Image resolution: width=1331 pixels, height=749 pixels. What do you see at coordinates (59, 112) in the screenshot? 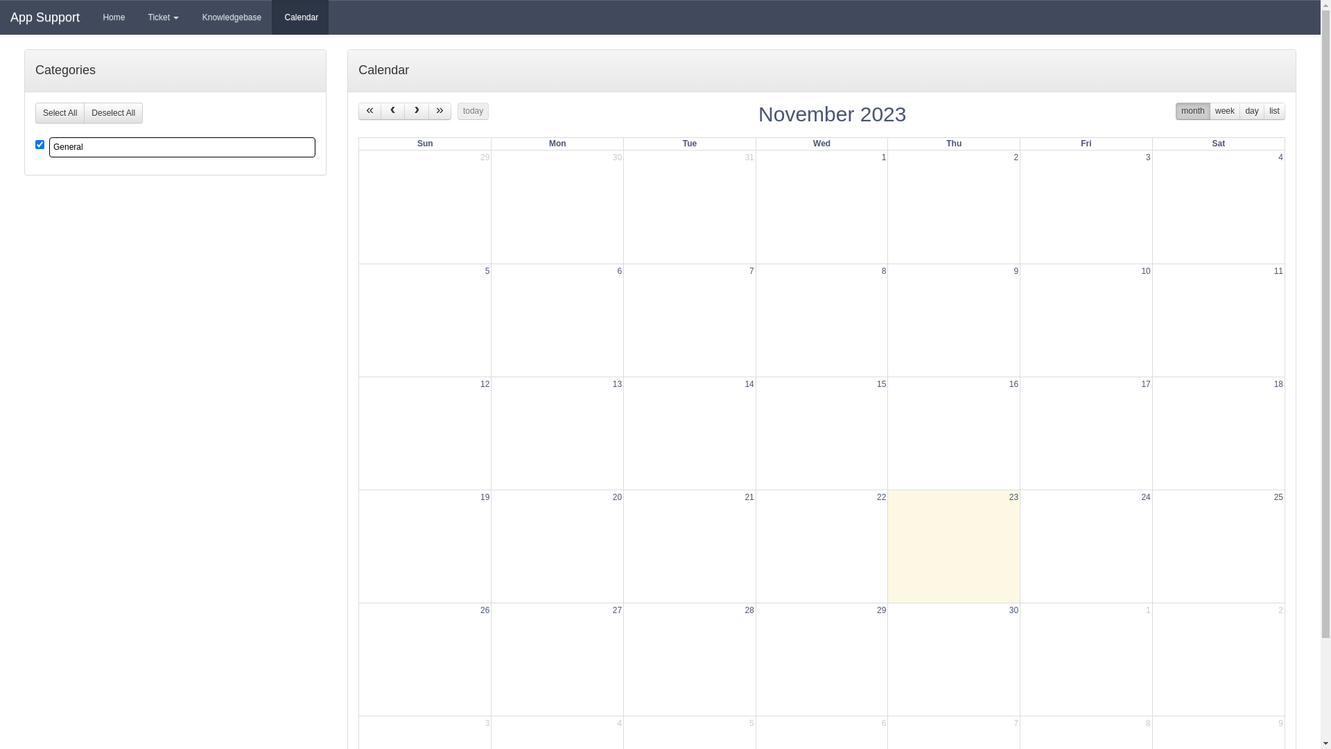
I see `'Select All'` at bounding box center [59, 112].